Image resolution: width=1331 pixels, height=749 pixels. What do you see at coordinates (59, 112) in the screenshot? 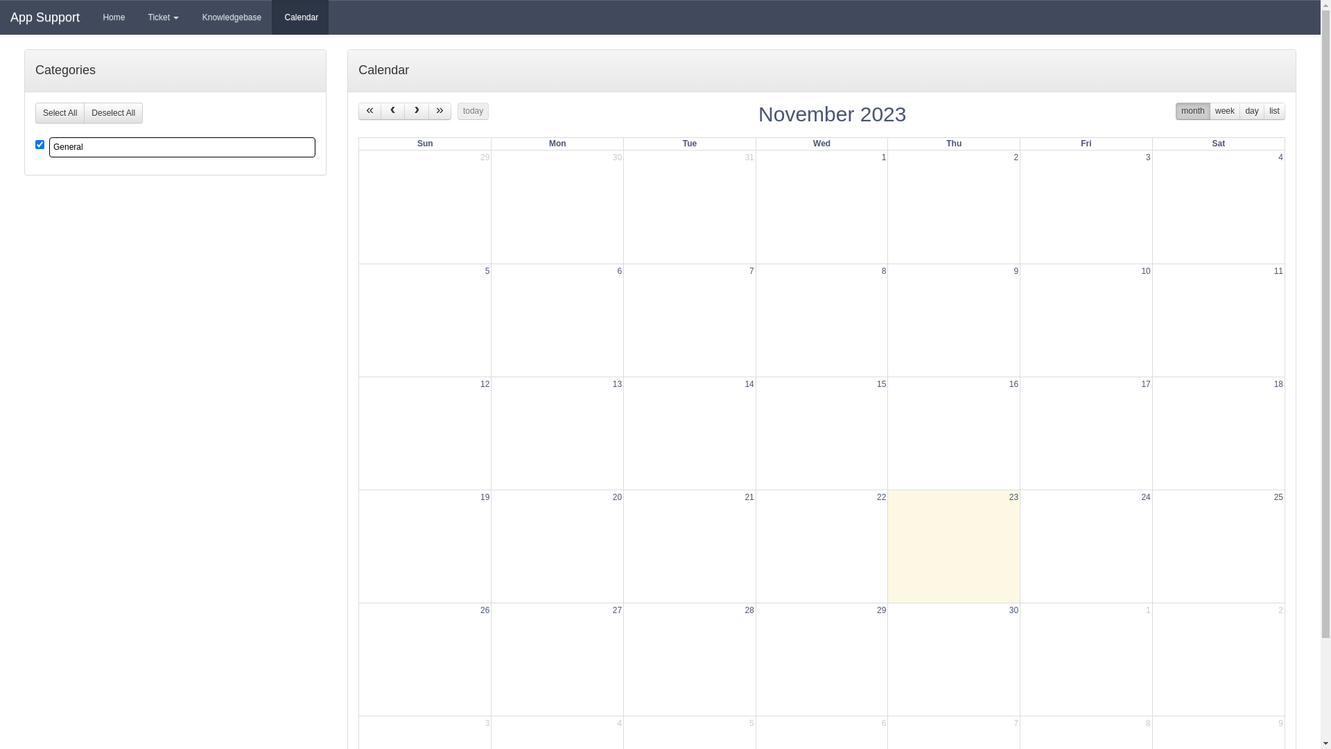
I see `'Select All'` at bounding box center [59, 112].